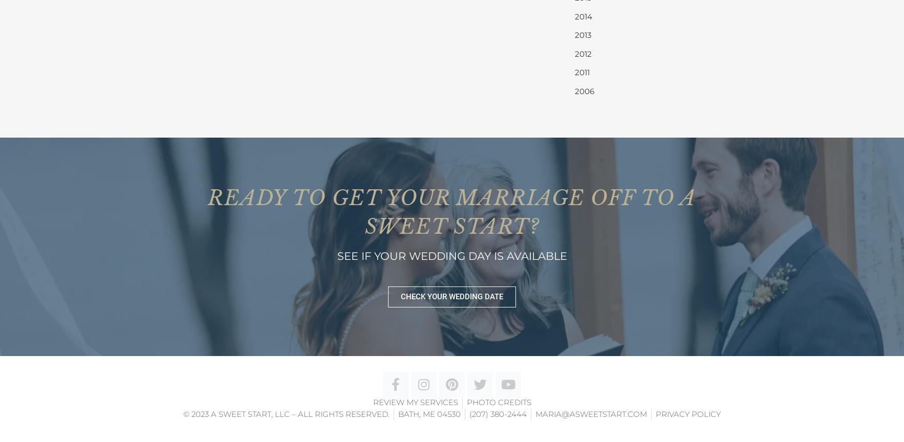 This screenshot has width=904, height=442. Describe the element at coordinates (581, 72) in the screenshot. I see `'2011'` at that location.